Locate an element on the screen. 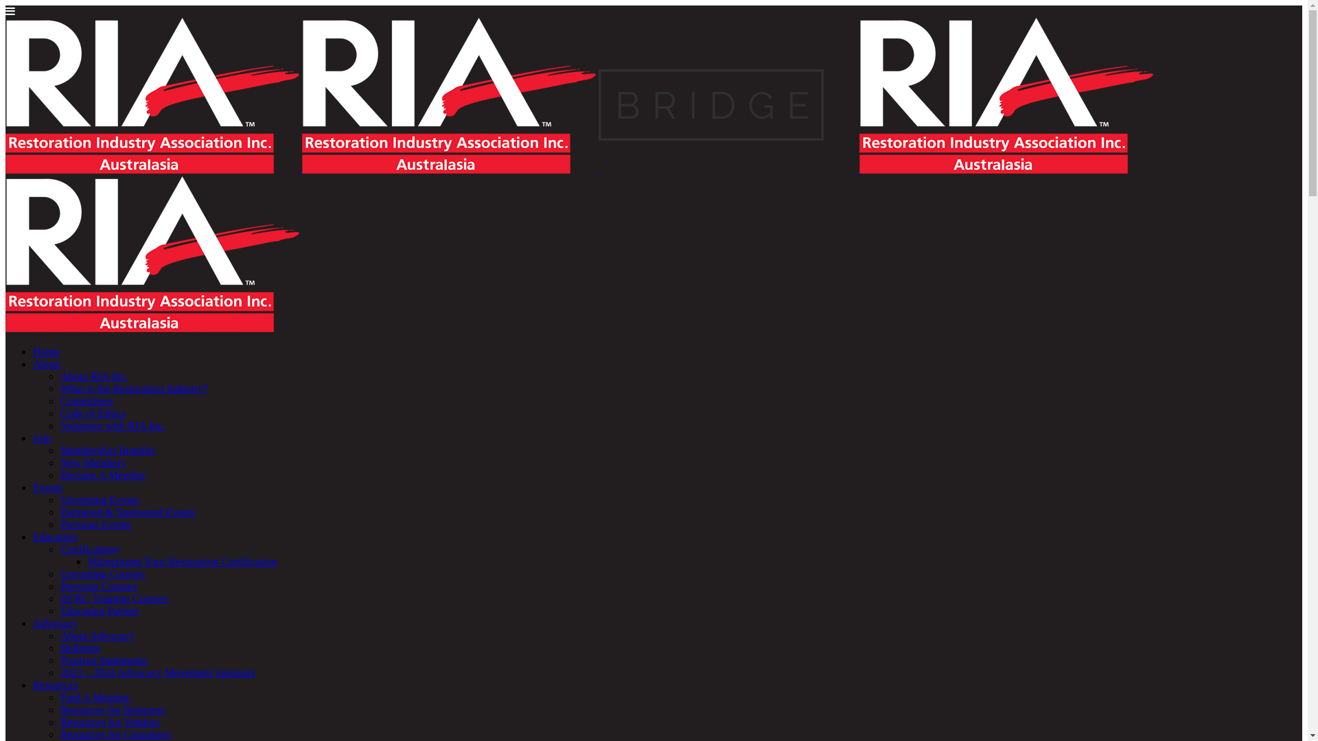 The height and width of the screenshot is (741, 1318). 'Upcoming Courses' is located at coordinates (102, 574).